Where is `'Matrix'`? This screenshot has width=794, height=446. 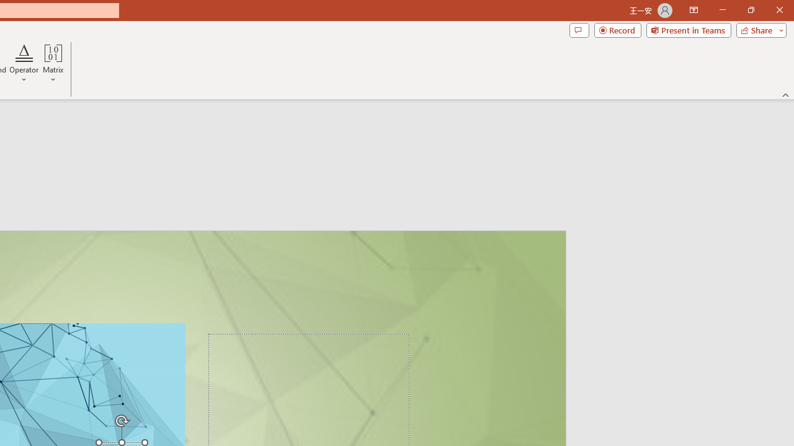
'Matrix' is located at coordinates (53, 64).